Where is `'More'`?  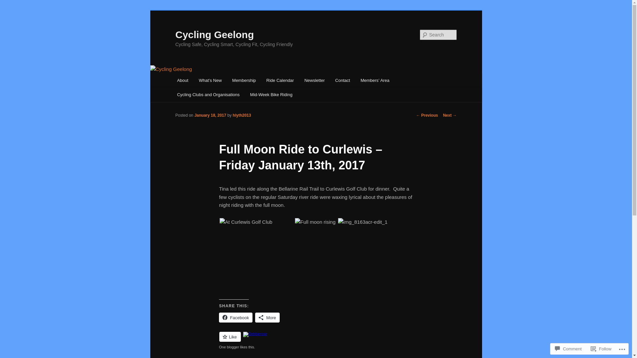 'More' is located at coordinates (267, 317).